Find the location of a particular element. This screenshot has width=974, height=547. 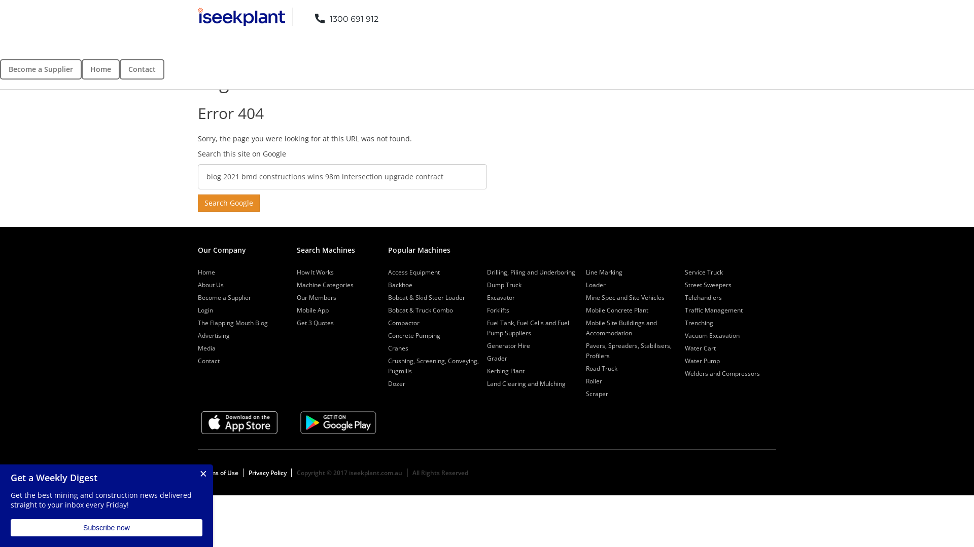

'Bobcat & Skid Steer Loader' is located at coordinates (426, 297).